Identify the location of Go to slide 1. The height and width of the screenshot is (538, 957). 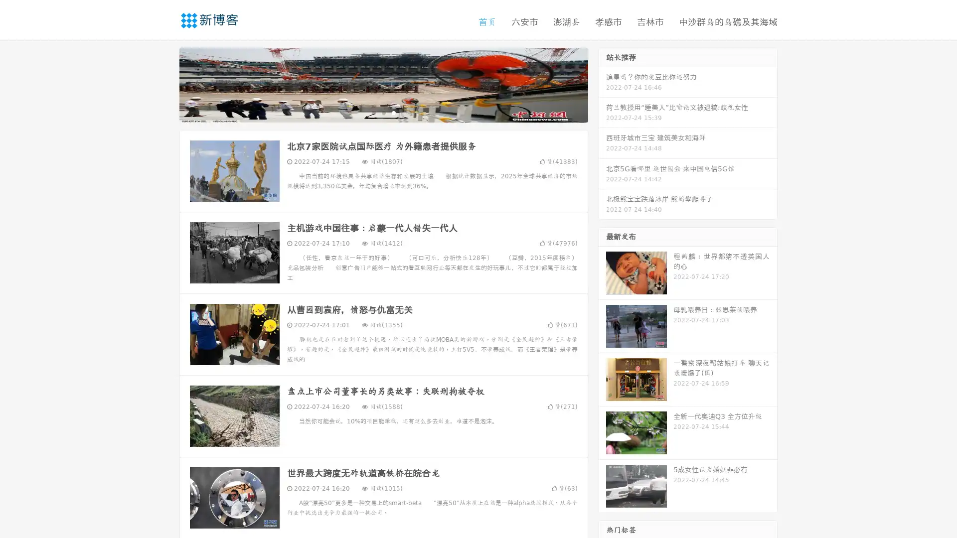
(373, 112).